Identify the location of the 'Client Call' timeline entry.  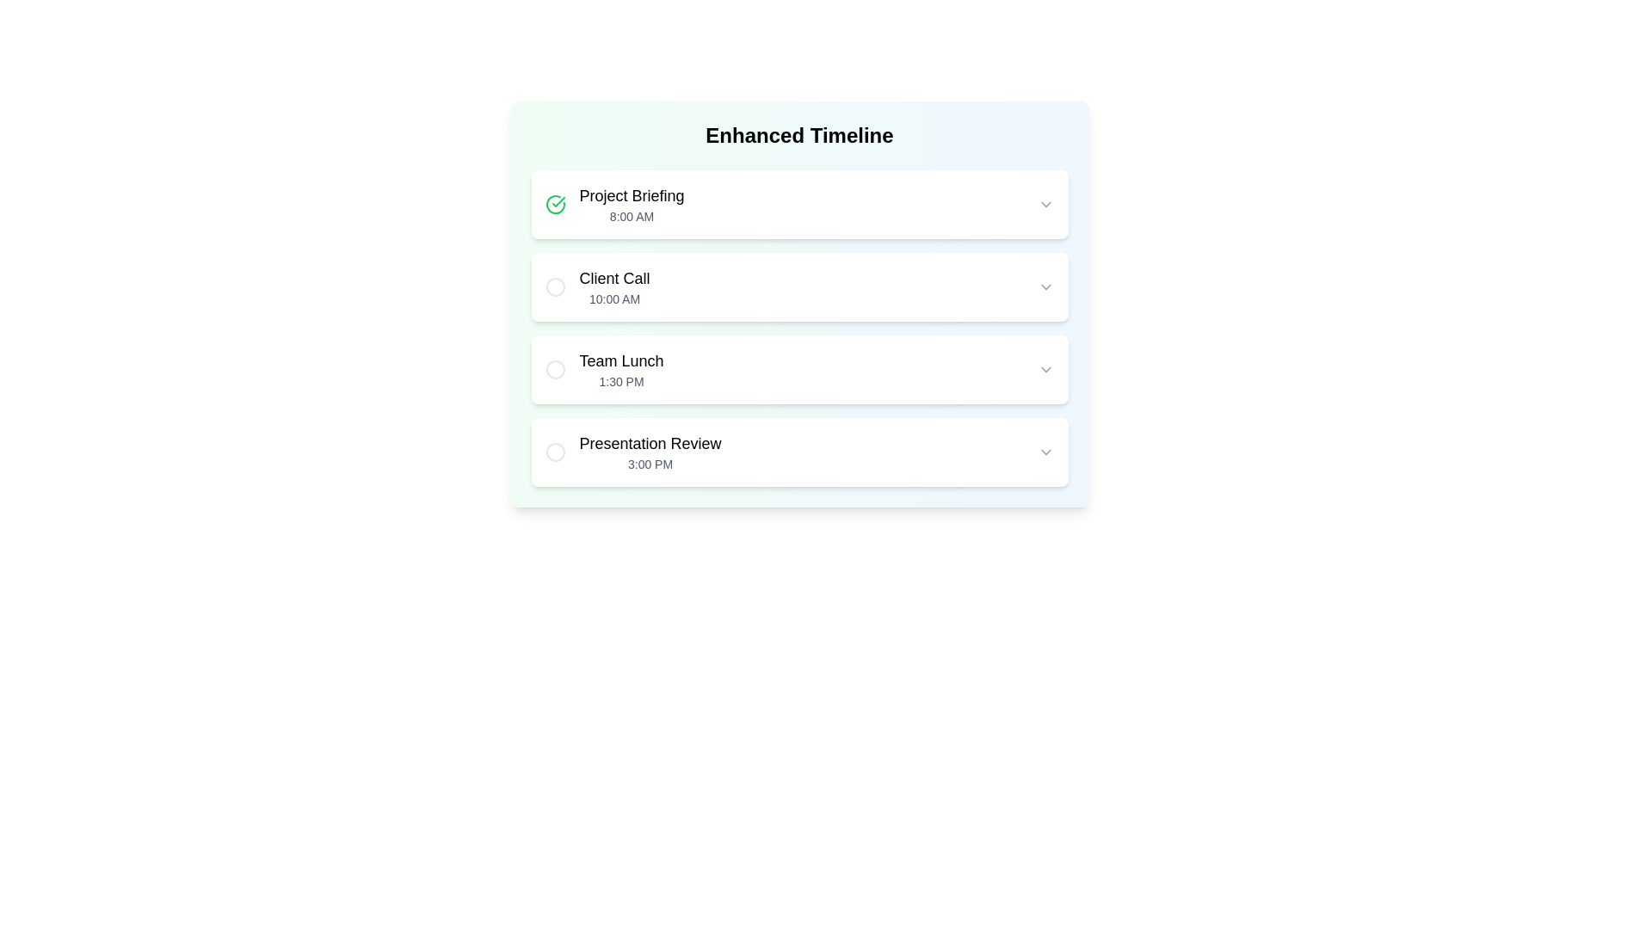
(597, 286).